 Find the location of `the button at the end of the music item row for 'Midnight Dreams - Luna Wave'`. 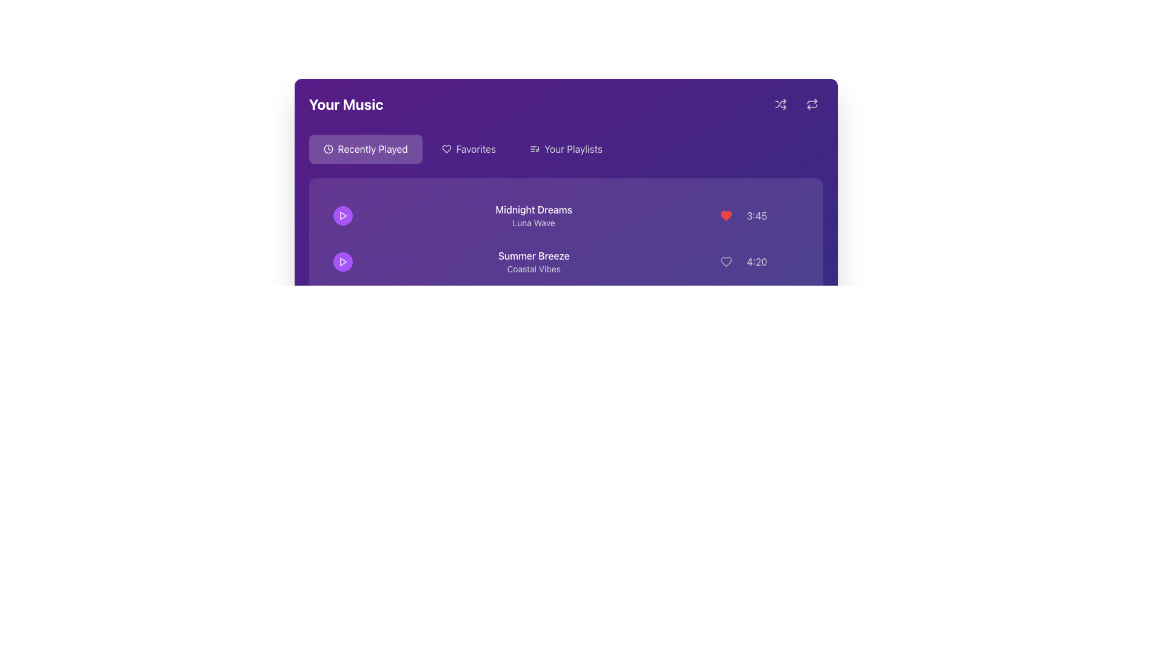

the button at the end of the music item row for 'Midnight Dreams - Luna Wave' is located at coordinates (788, 215).